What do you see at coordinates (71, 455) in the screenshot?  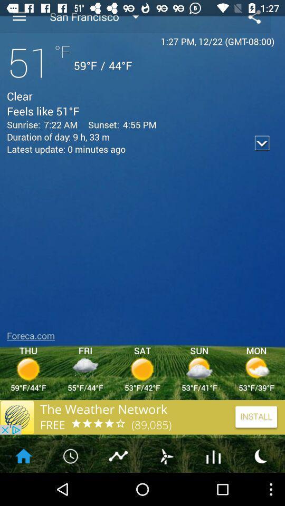 I see `the icon at right side of home icon` at bounding box center [71, 455].